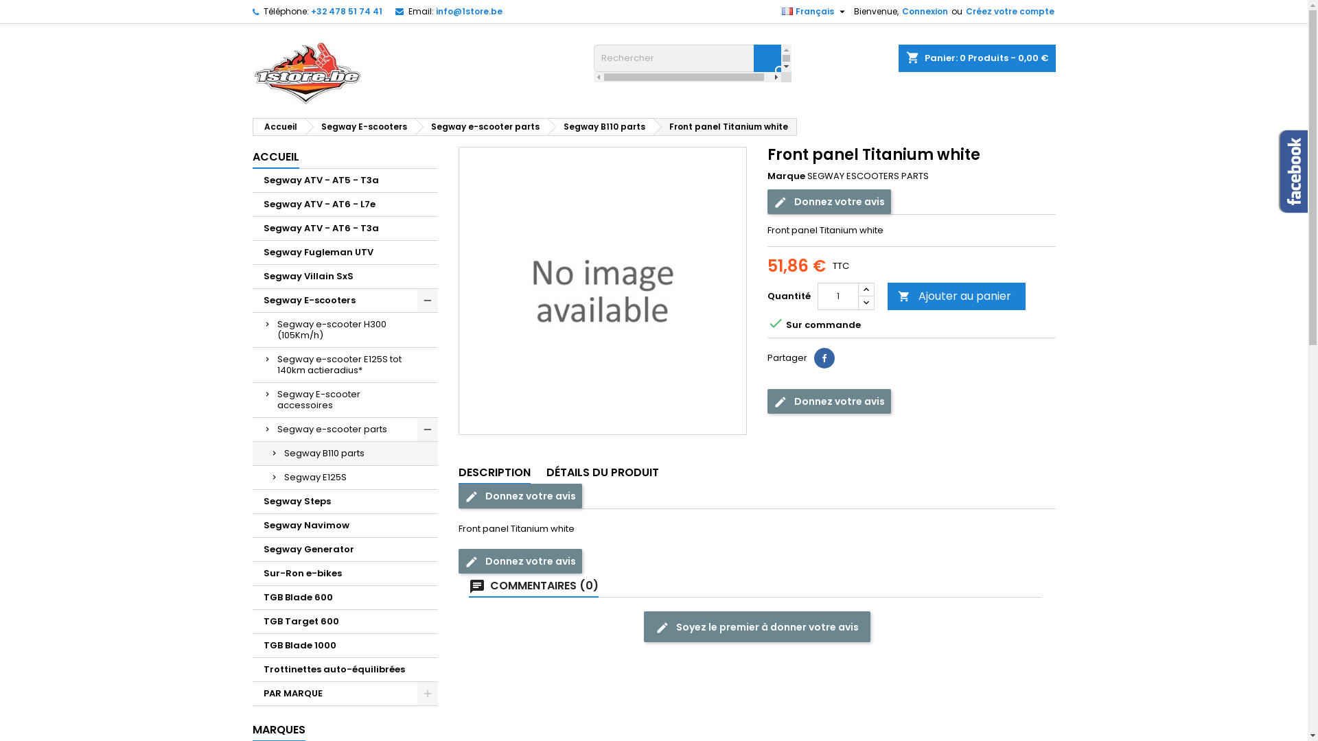 This screenshot has height=741, width=1318. What do you see at coordinates (277, 127) in the screenshot?
I see `'Accueil'` at bounding box center [277, 127].